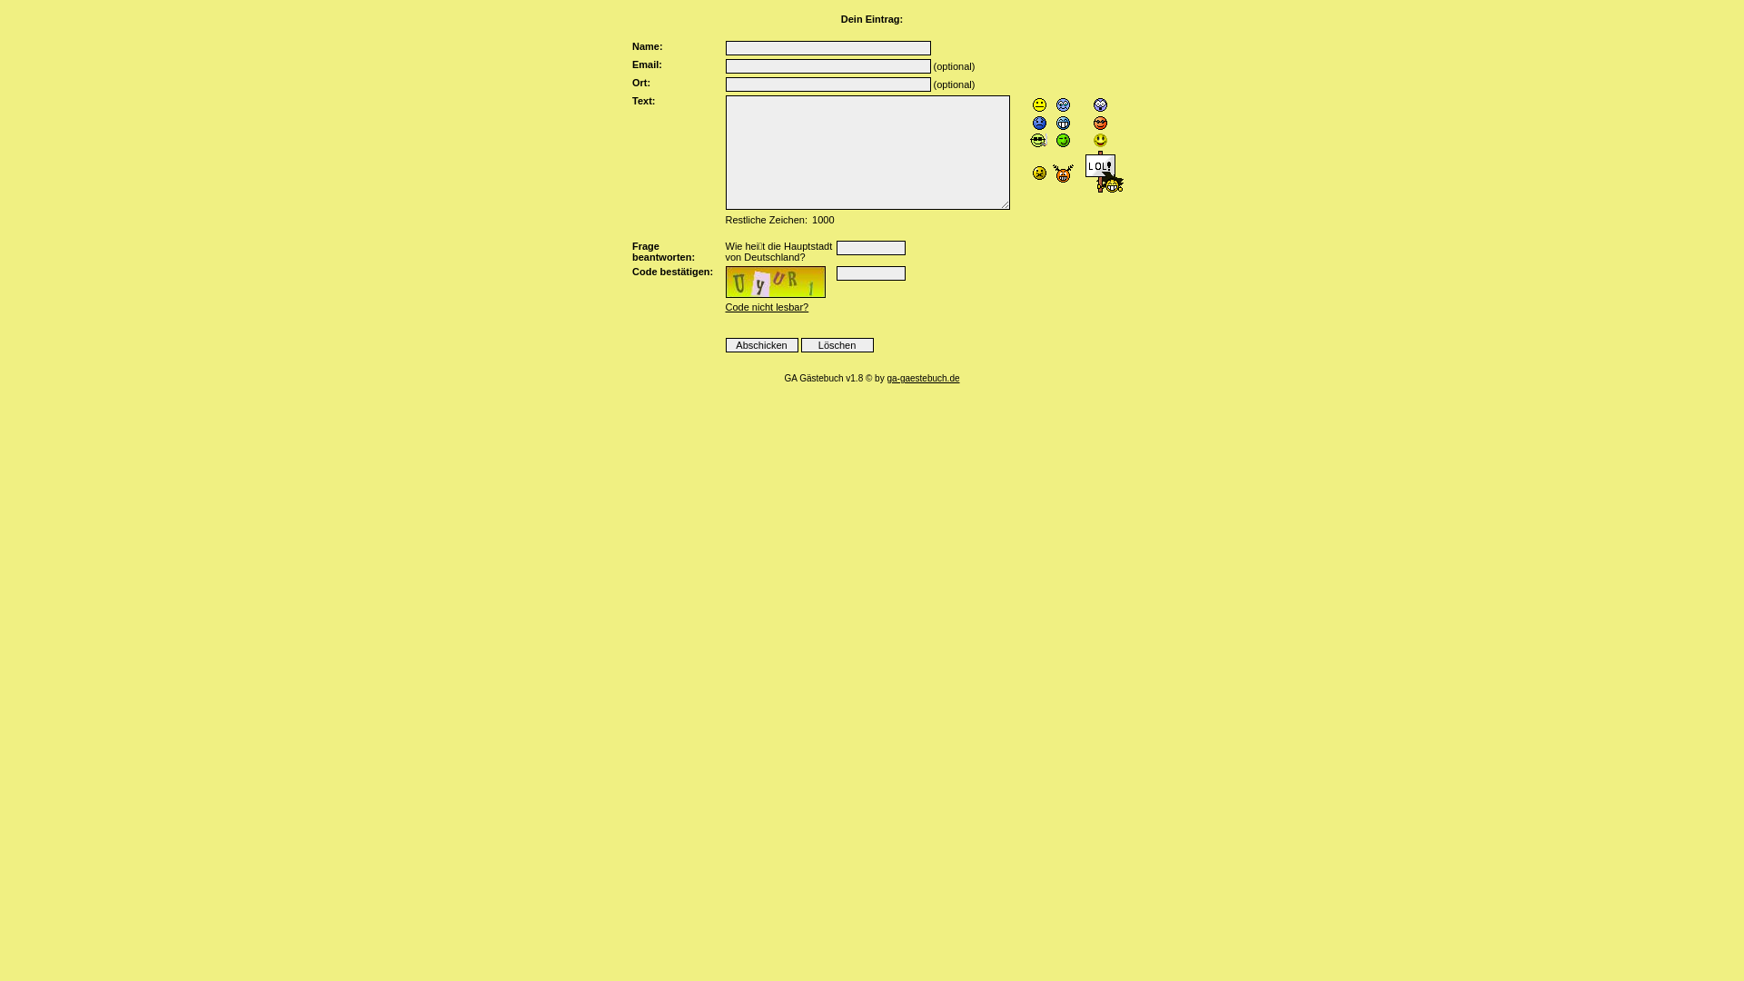 The image size is (1744, 981). What do you see at coordinates (1063, 104) in the screenshot?
I see `':-('` at bounding box center [1063, 104].